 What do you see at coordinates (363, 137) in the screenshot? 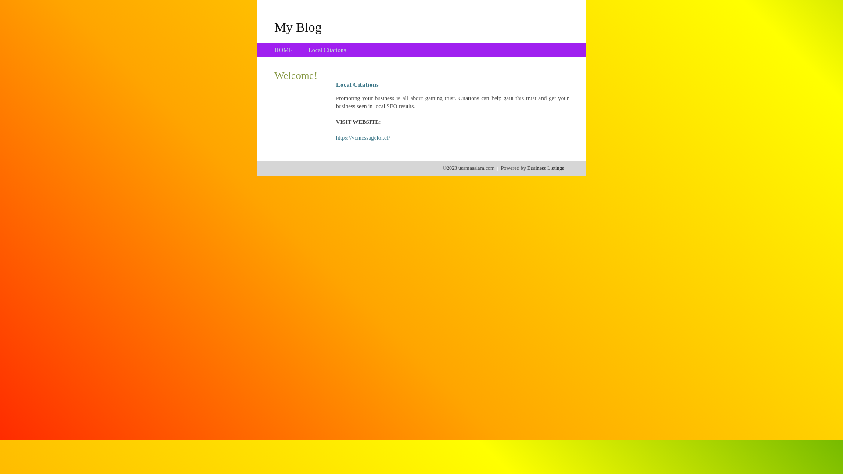
I see `'https://vcmessagefor.cf/'` at bounding box center [363, 137].